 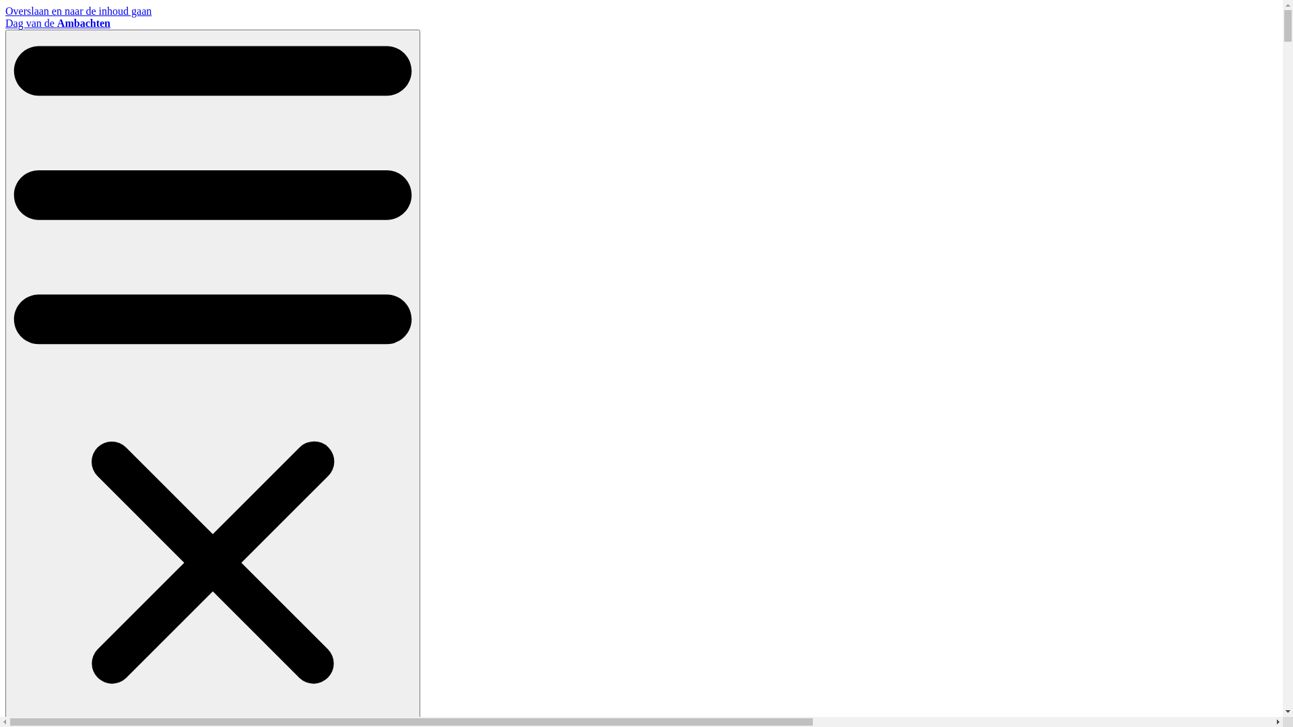 What do you see at coordinates (77, 11) in the screenshot?
I see `'Overslaan en naar de inhoud gaan'` at bounding box center [77, 11].